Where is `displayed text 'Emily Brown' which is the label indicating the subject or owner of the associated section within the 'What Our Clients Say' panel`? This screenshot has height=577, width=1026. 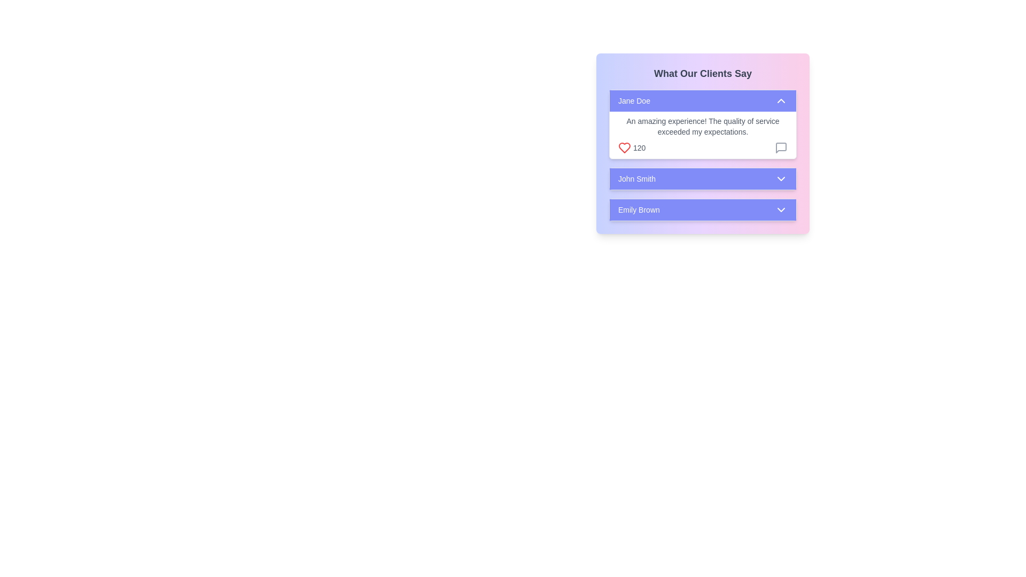 displayed text 'Emily Brown' which is the label indicating the subject or owner of the associated section within the 'What Our Clients Say' panel is located at coordinates (639, 210).